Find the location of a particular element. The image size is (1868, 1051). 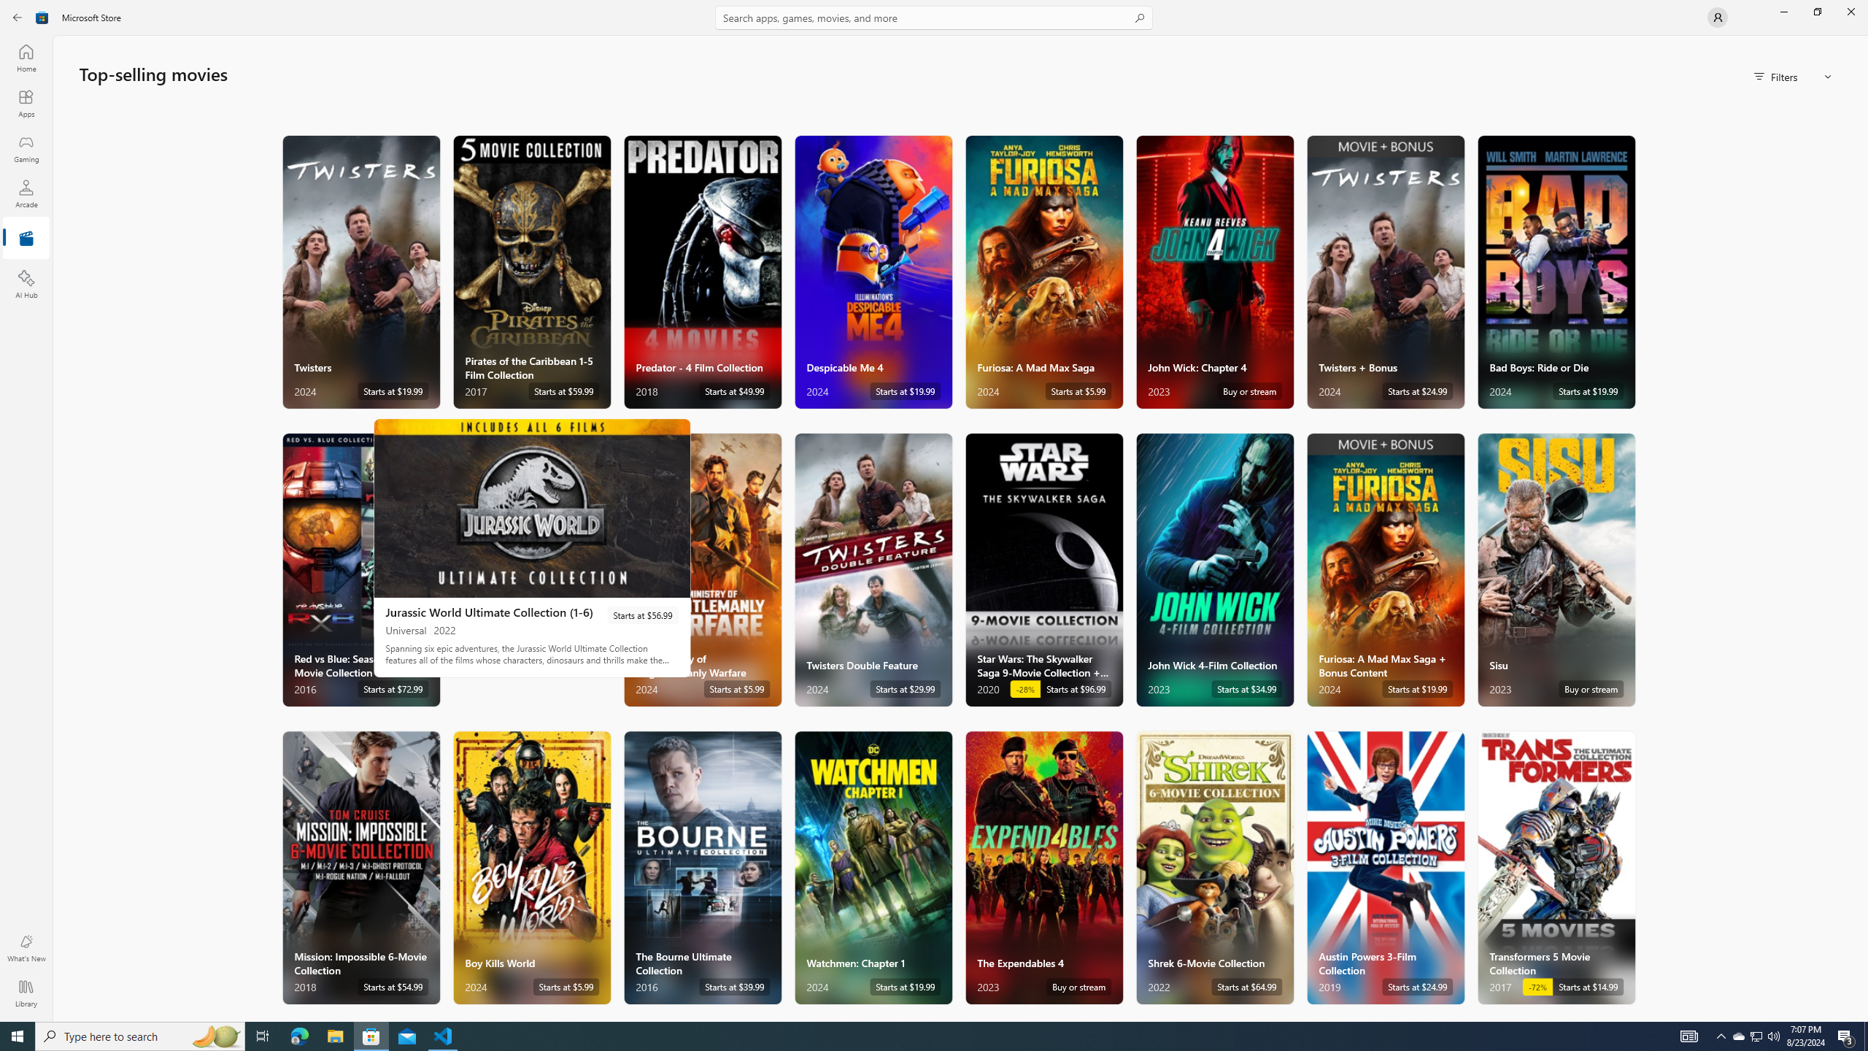

'Filters' is located at coordinates (1793, 76).